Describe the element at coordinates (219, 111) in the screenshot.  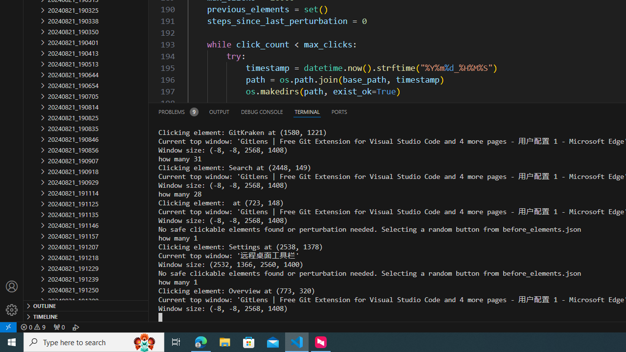
I see `'Output (Ctrl+Shift+U)'` at that location.